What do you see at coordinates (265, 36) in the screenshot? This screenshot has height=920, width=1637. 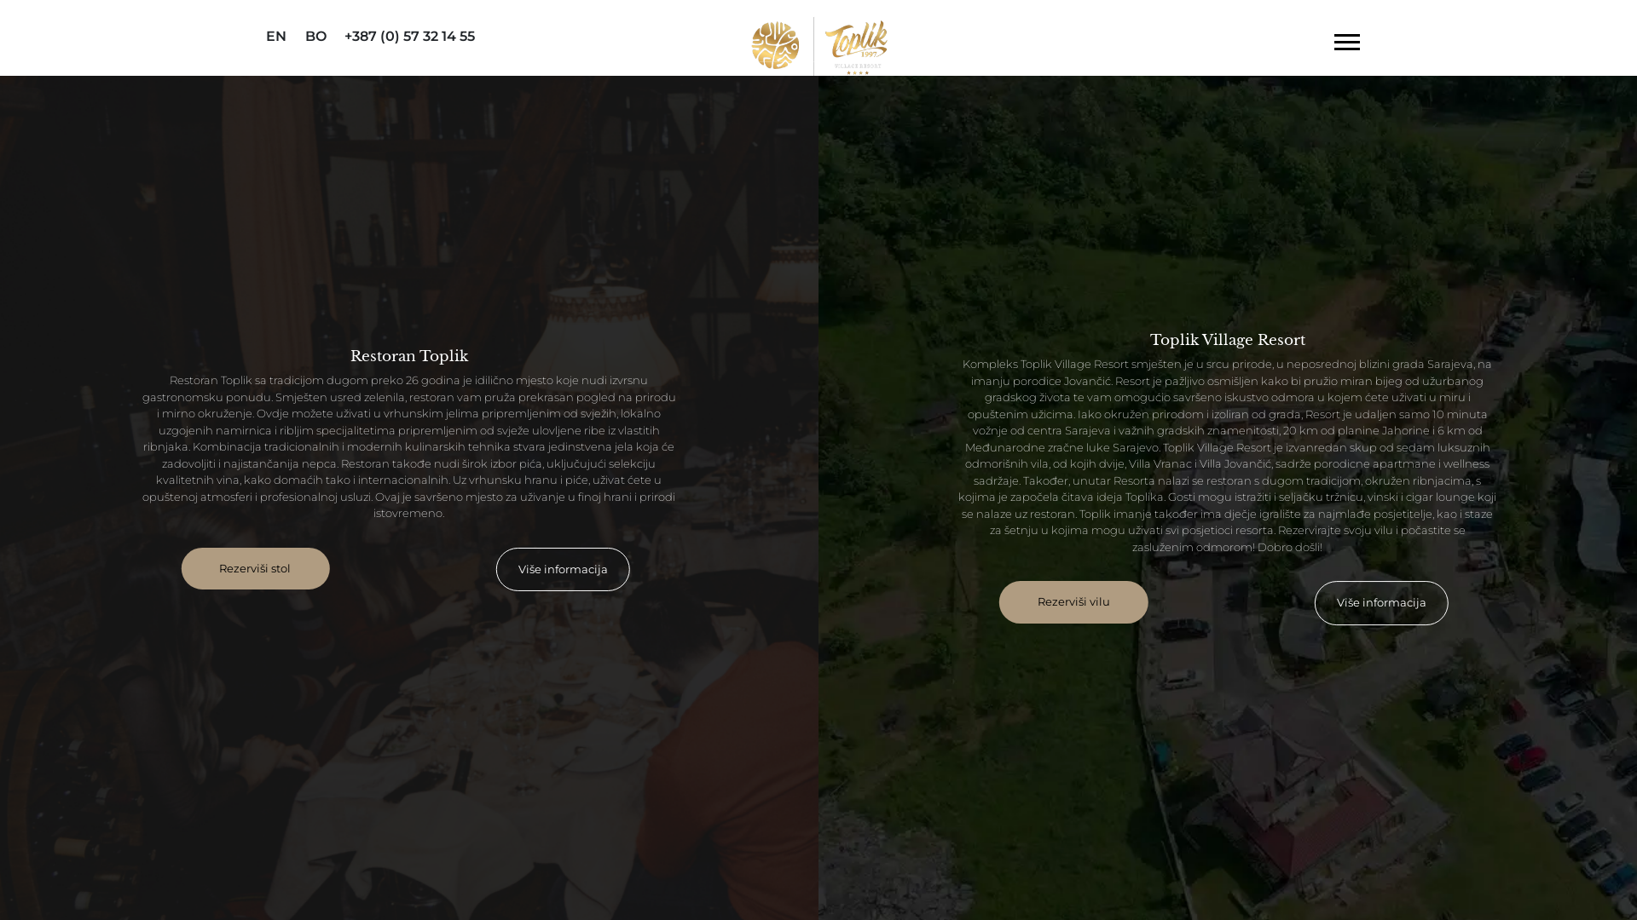 I see `'EN'` at bounding box center [265, 36].